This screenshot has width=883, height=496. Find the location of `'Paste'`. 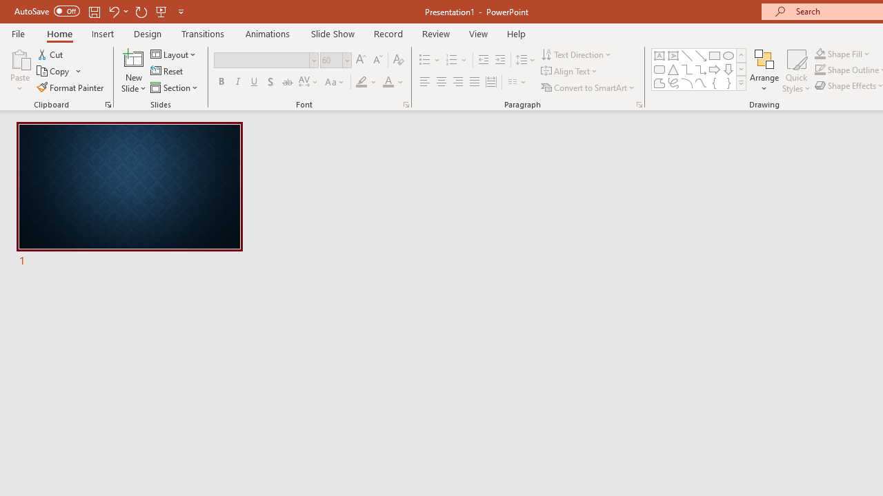

'Paste' is located at coordinates (19, 58).